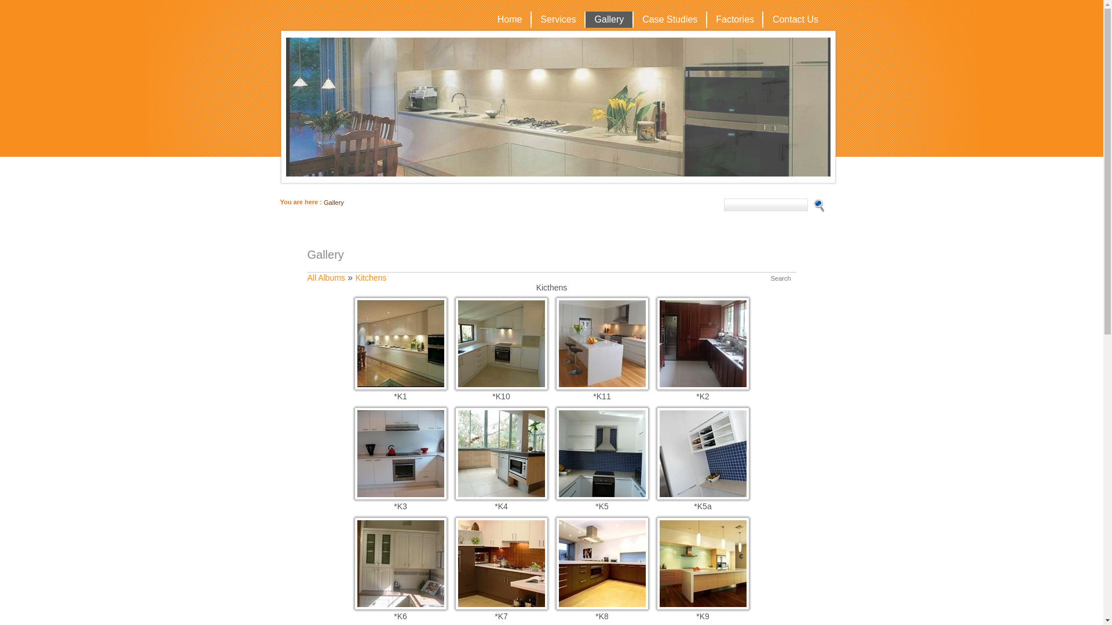 The image size is (1112, 625). Describe the element at coordinates (333, 202) in the screenshot. I see `'Gallery'` at that location.